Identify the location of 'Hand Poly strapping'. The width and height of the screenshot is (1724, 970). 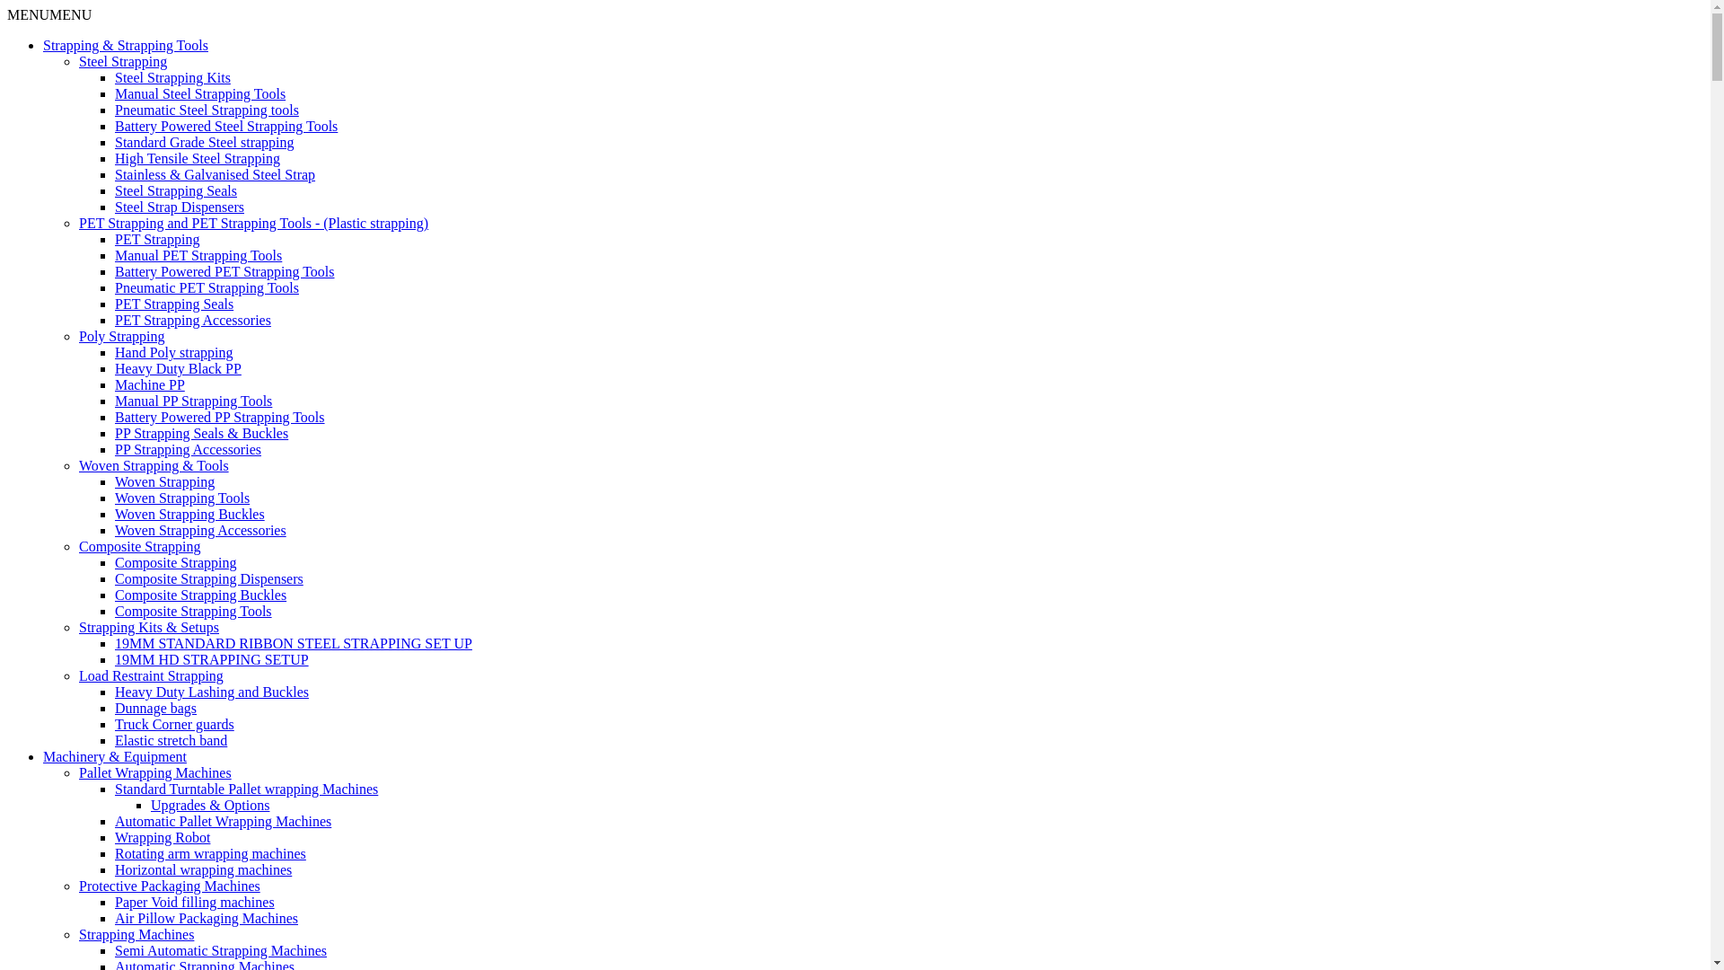
(173, 352).